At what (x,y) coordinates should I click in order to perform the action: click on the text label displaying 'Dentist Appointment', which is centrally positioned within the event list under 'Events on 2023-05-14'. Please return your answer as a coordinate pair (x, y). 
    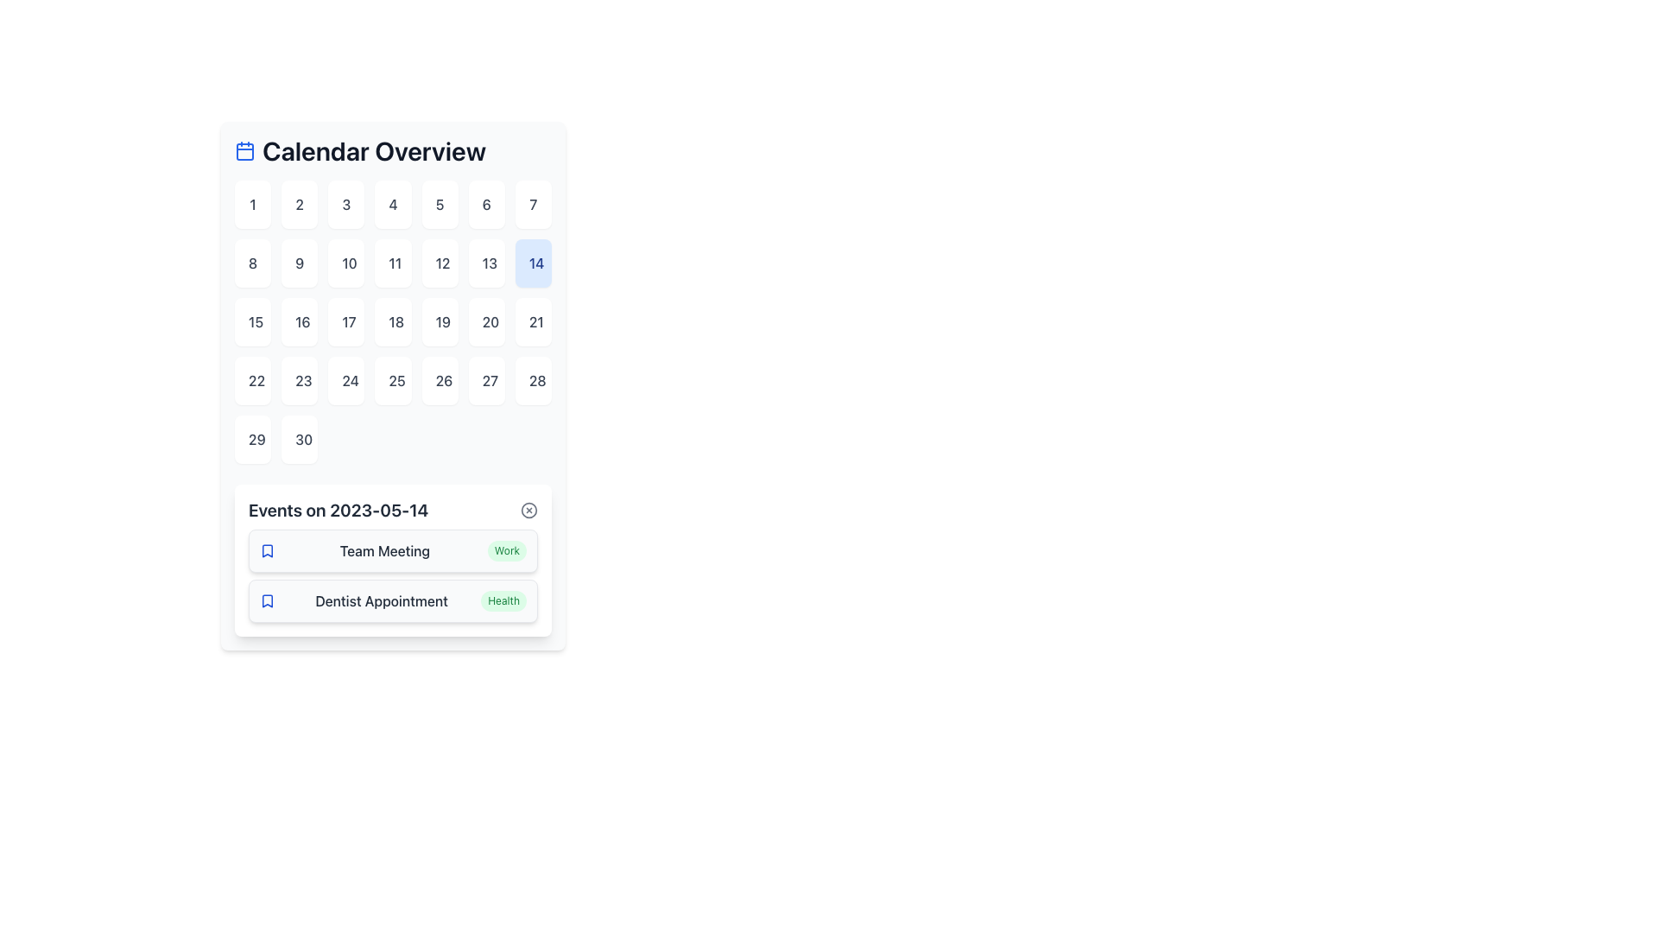
    Looking at the image, I should click on (380, 600).